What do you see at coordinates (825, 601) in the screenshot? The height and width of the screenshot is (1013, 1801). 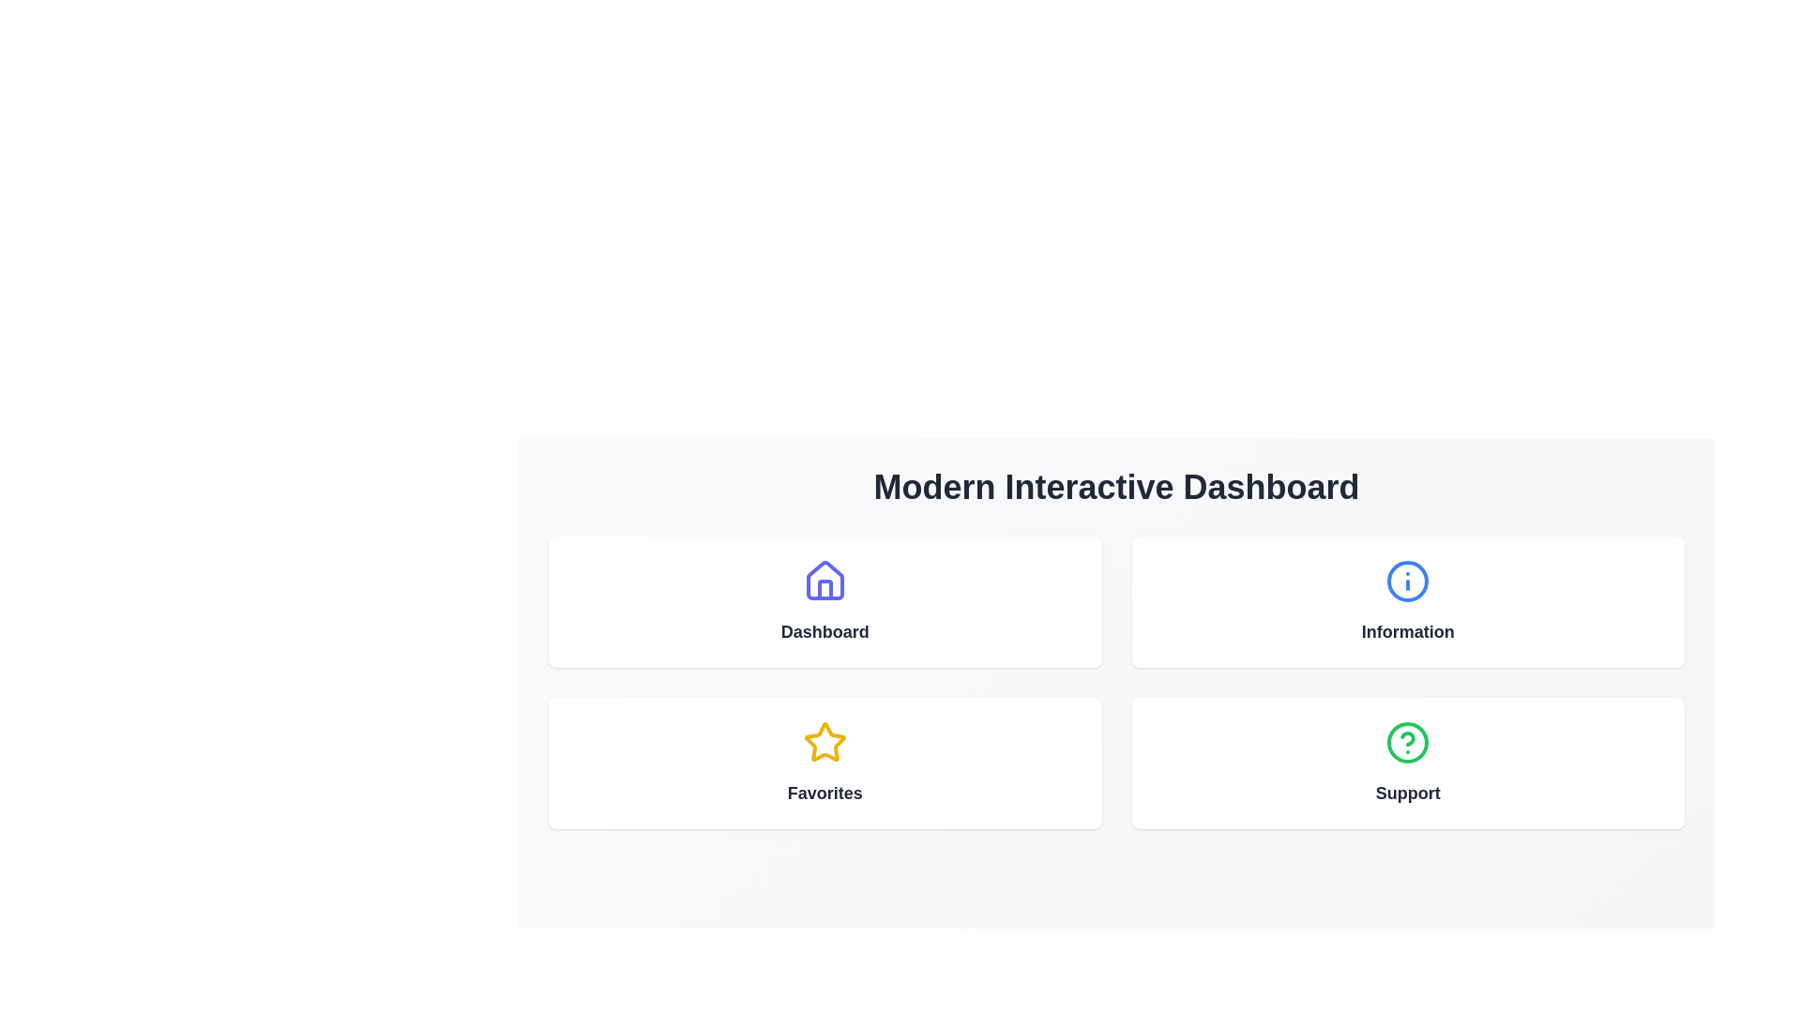 I see `the Navigation Card, which features a house icon and the title 'Dashboard' in a grid layout as the first card` at bounding box center [825, 601].